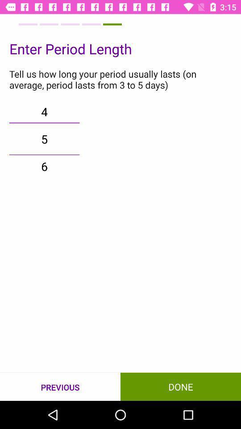  Describe the element at coordinates (60, 387) in the screenshot. I see `the item next to the done` at that location.